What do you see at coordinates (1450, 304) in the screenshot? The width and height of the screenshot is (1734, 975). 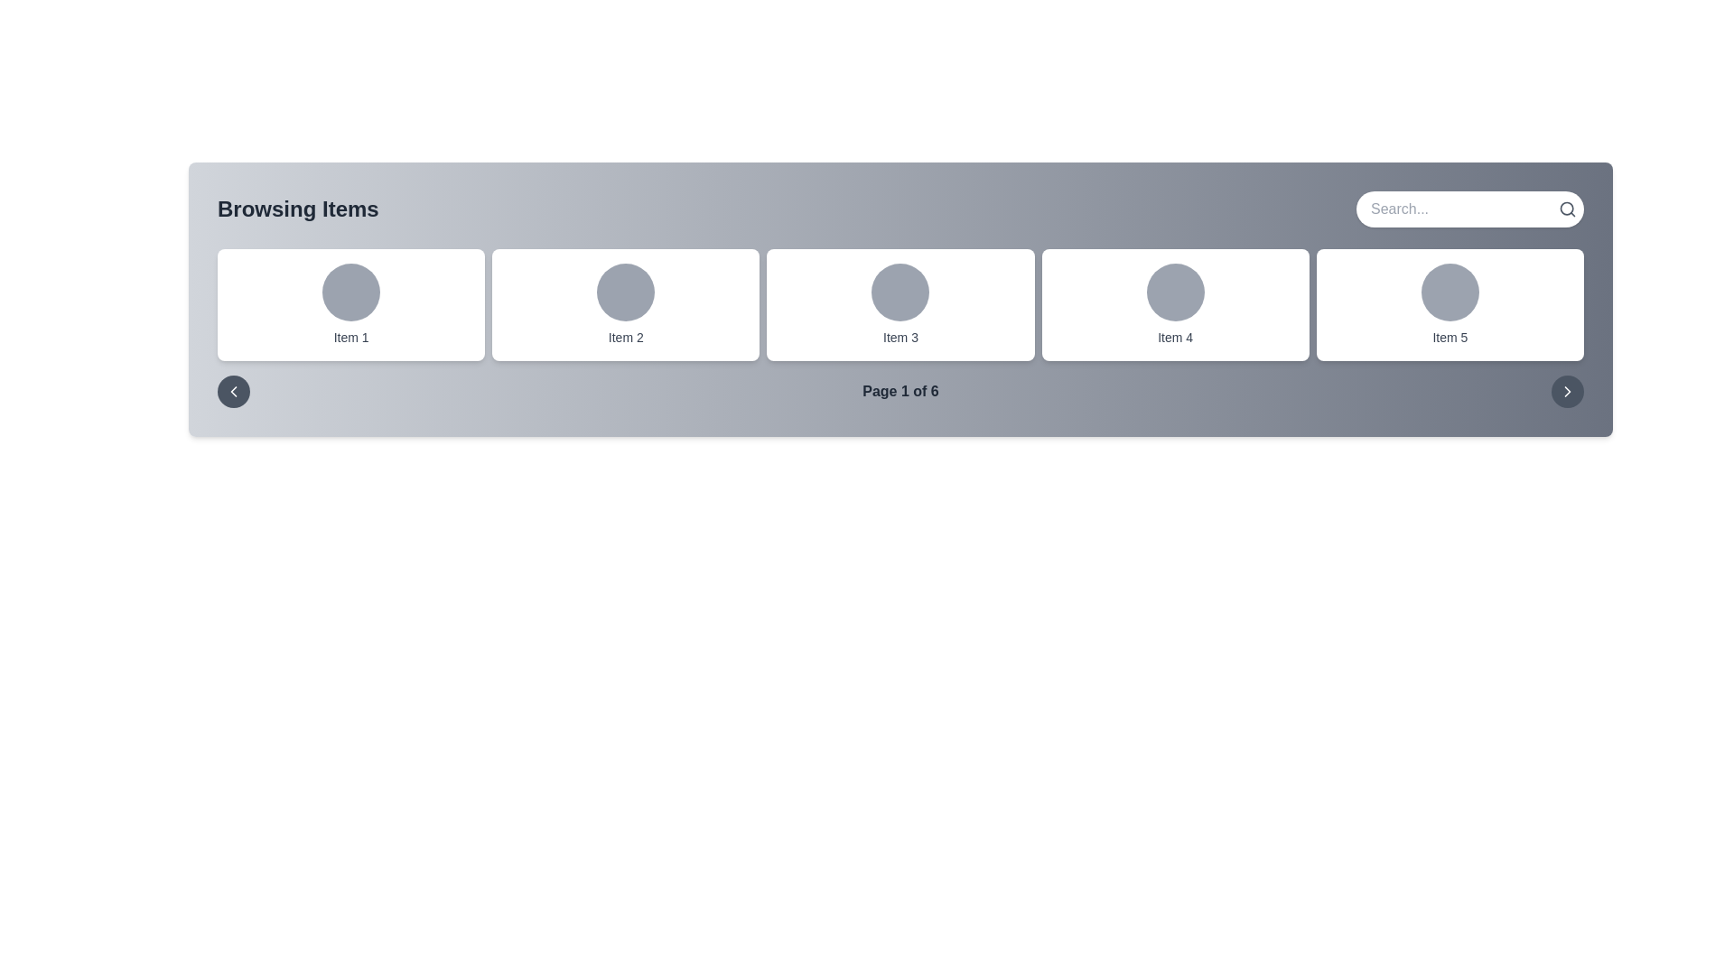 I see `the fifth card representing 'Item 5' in the grid layout` at bounding box center [1450, 304].